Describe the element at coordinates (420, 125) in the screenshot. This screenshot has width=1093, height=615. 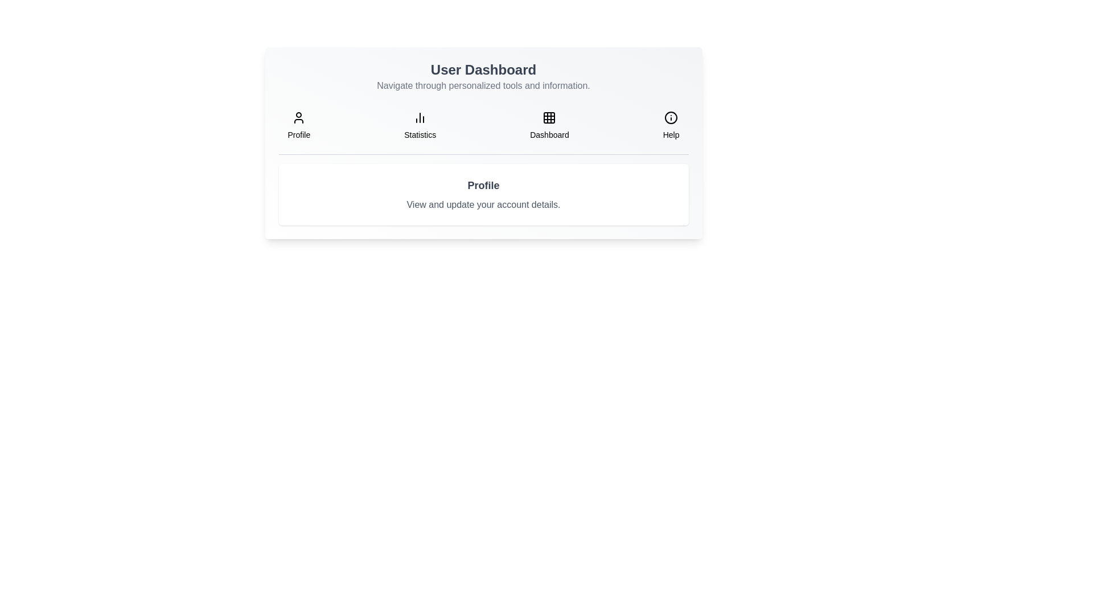
I see `the tab labeled Statistics to navigate to its content` at that location.